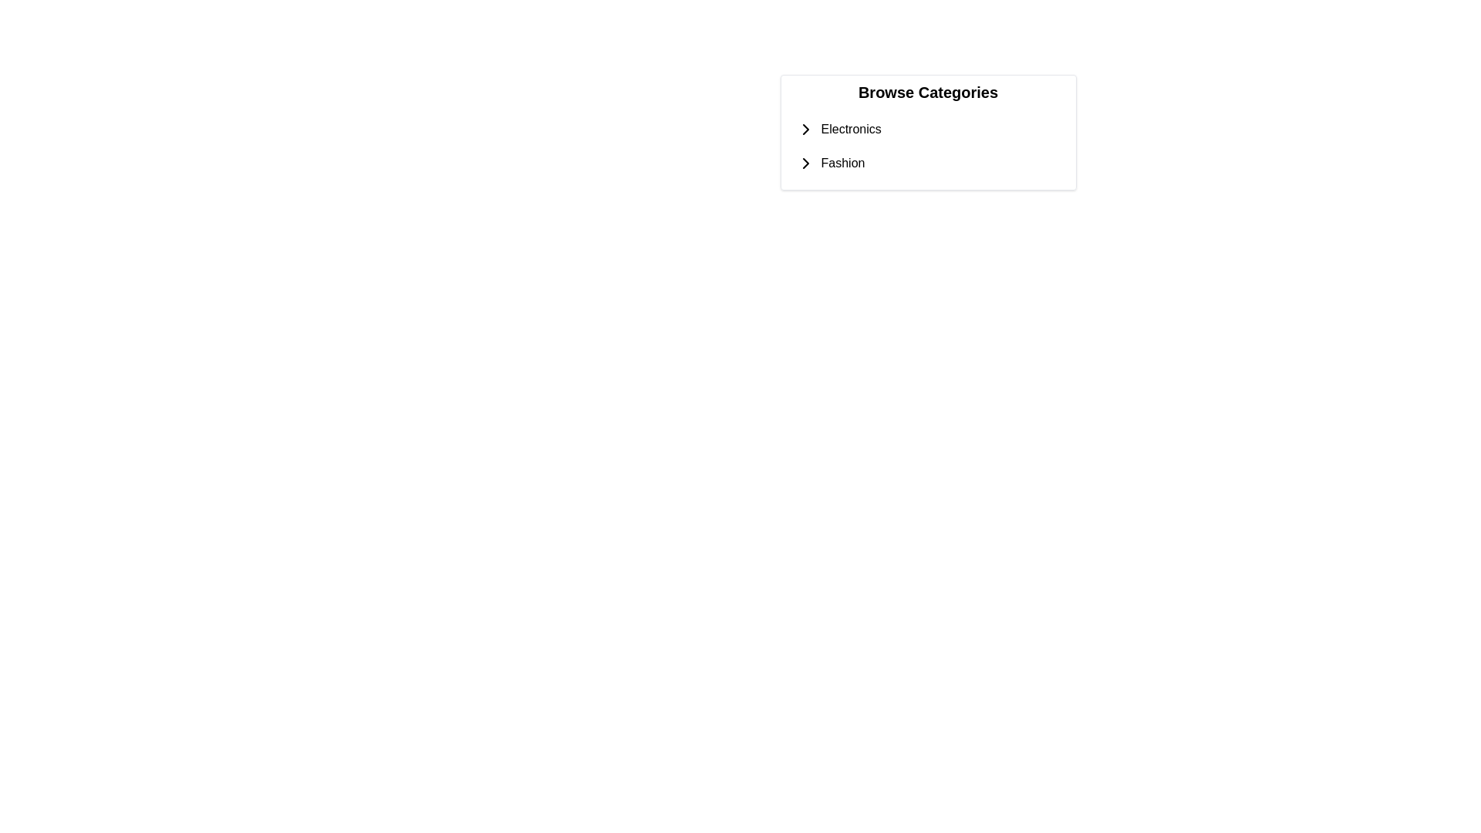  Describe the element at coordinates (842, 164) in the screenshot. I see `the 'Fashion' text label located under the 'Browse Categories' section` at that location.